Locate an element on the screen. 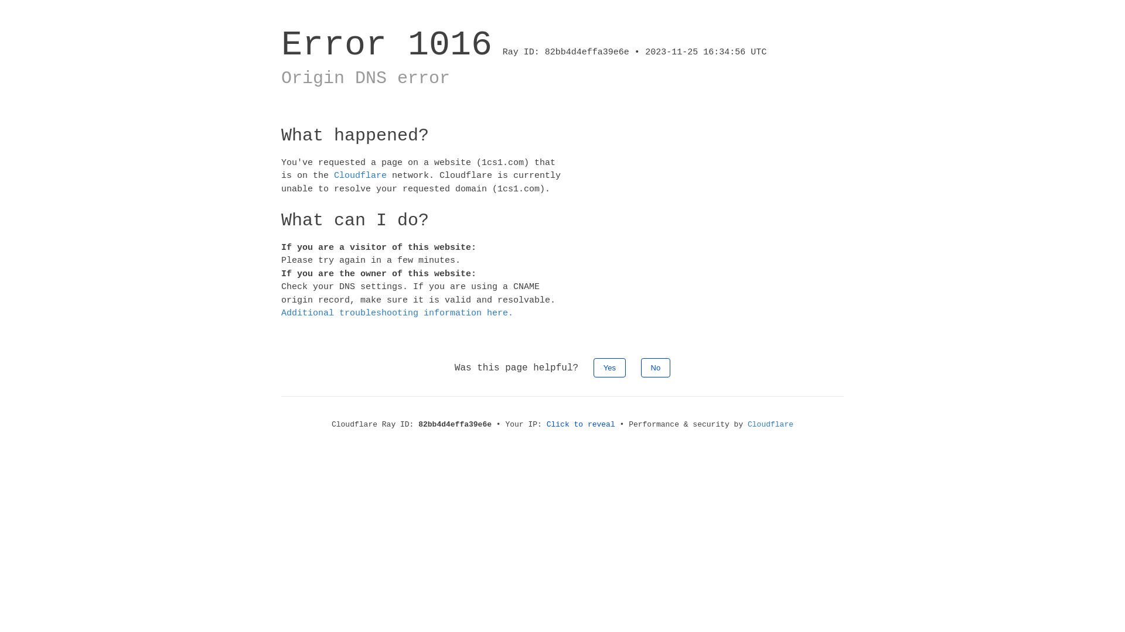 Image resolution: width=1125 pixels, height=632 pixels. 'No' is located at coordinates (655, 367).